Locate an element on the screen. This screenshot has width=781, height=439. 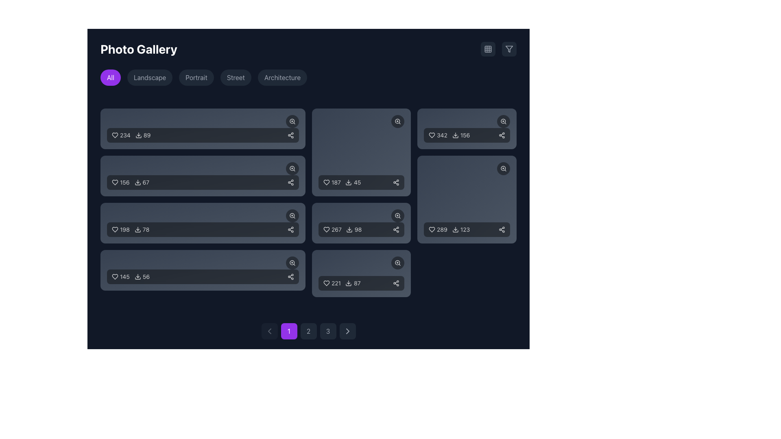
numerical value displayed in the Text Label, which represents a count such as the number of downloads, located at the bottom of a card and aligned with the right edge is located at coordinates (465, 135).